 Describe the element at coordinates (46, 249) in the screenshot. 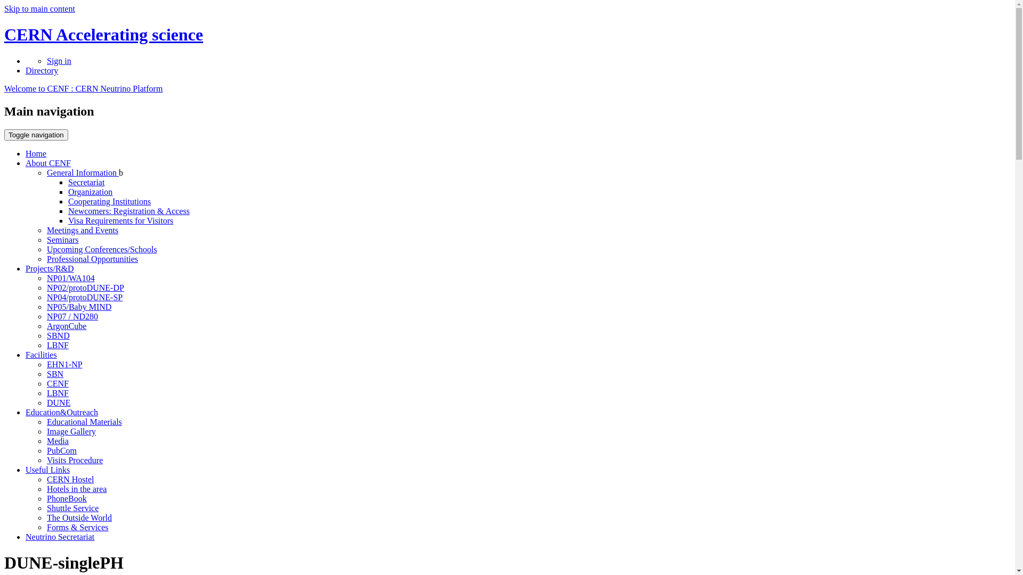

I see `'Upcoming Conferences/Schools'` at that location.